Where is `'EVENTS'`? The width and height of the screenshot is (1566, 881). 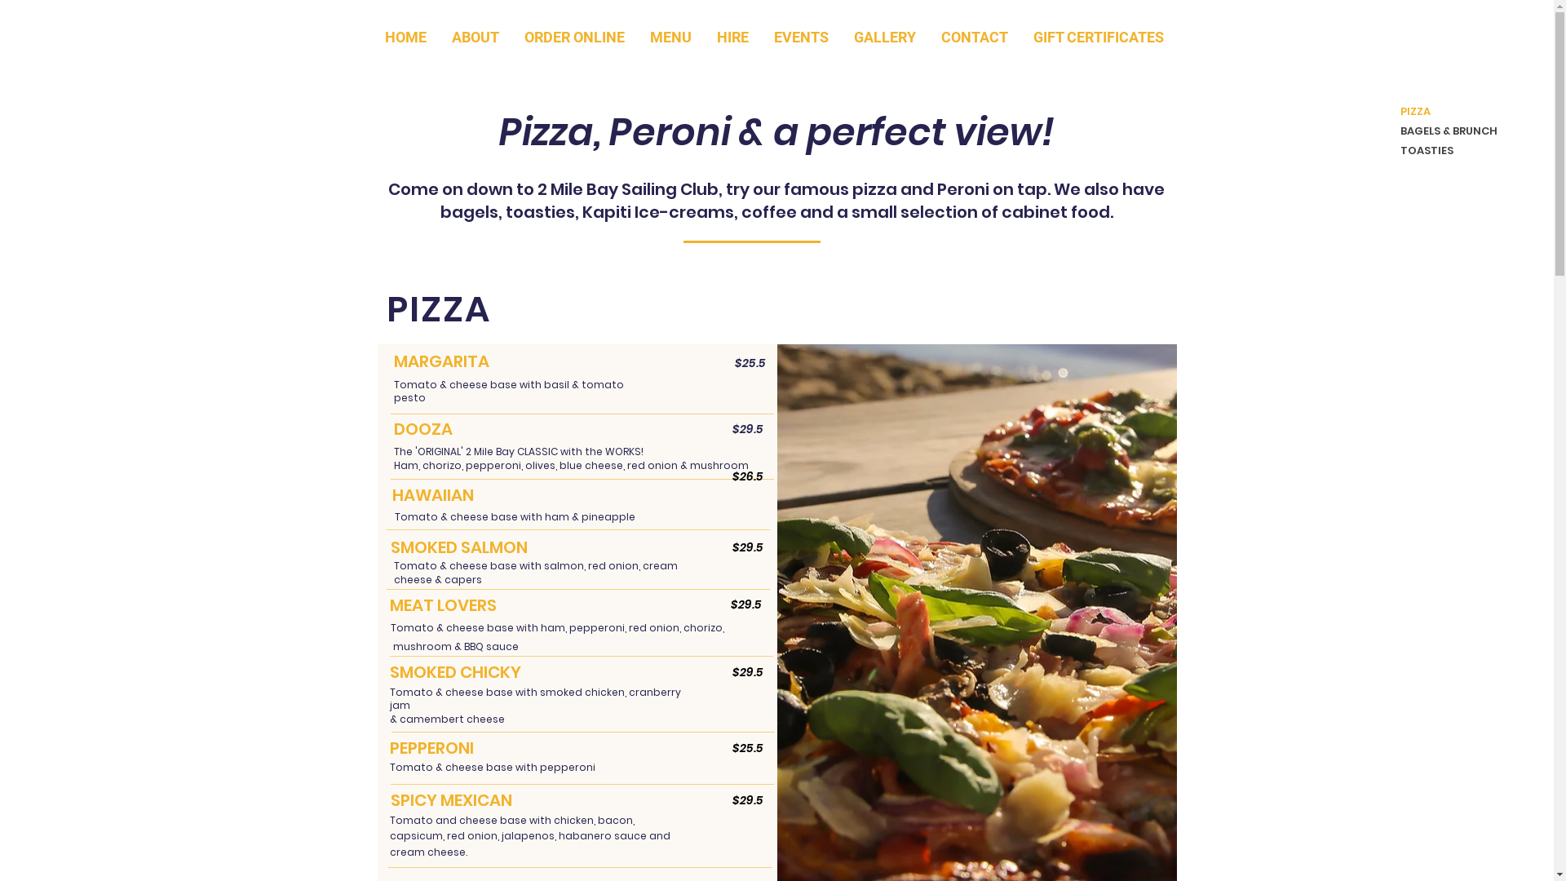
'EVENTS' is located at coordinates (802, 37).